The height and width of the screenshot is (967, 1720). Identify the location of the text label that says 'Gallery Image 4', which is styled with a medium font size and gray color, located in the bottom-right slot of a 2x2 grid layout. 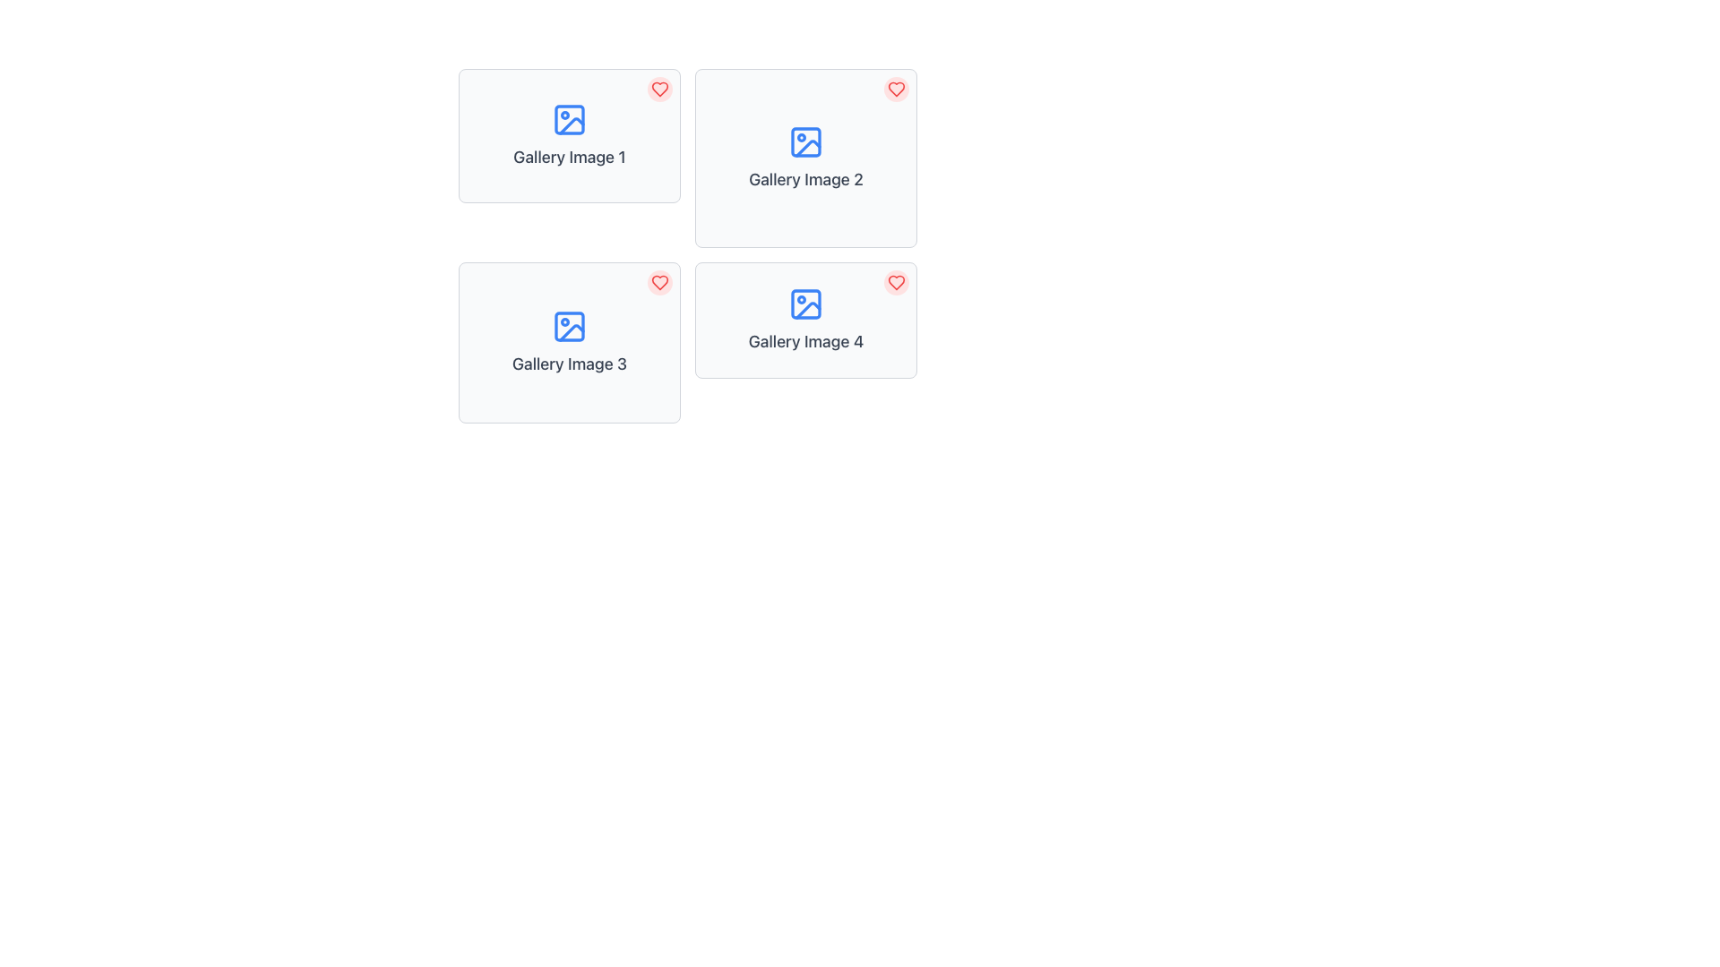
(805, 341).